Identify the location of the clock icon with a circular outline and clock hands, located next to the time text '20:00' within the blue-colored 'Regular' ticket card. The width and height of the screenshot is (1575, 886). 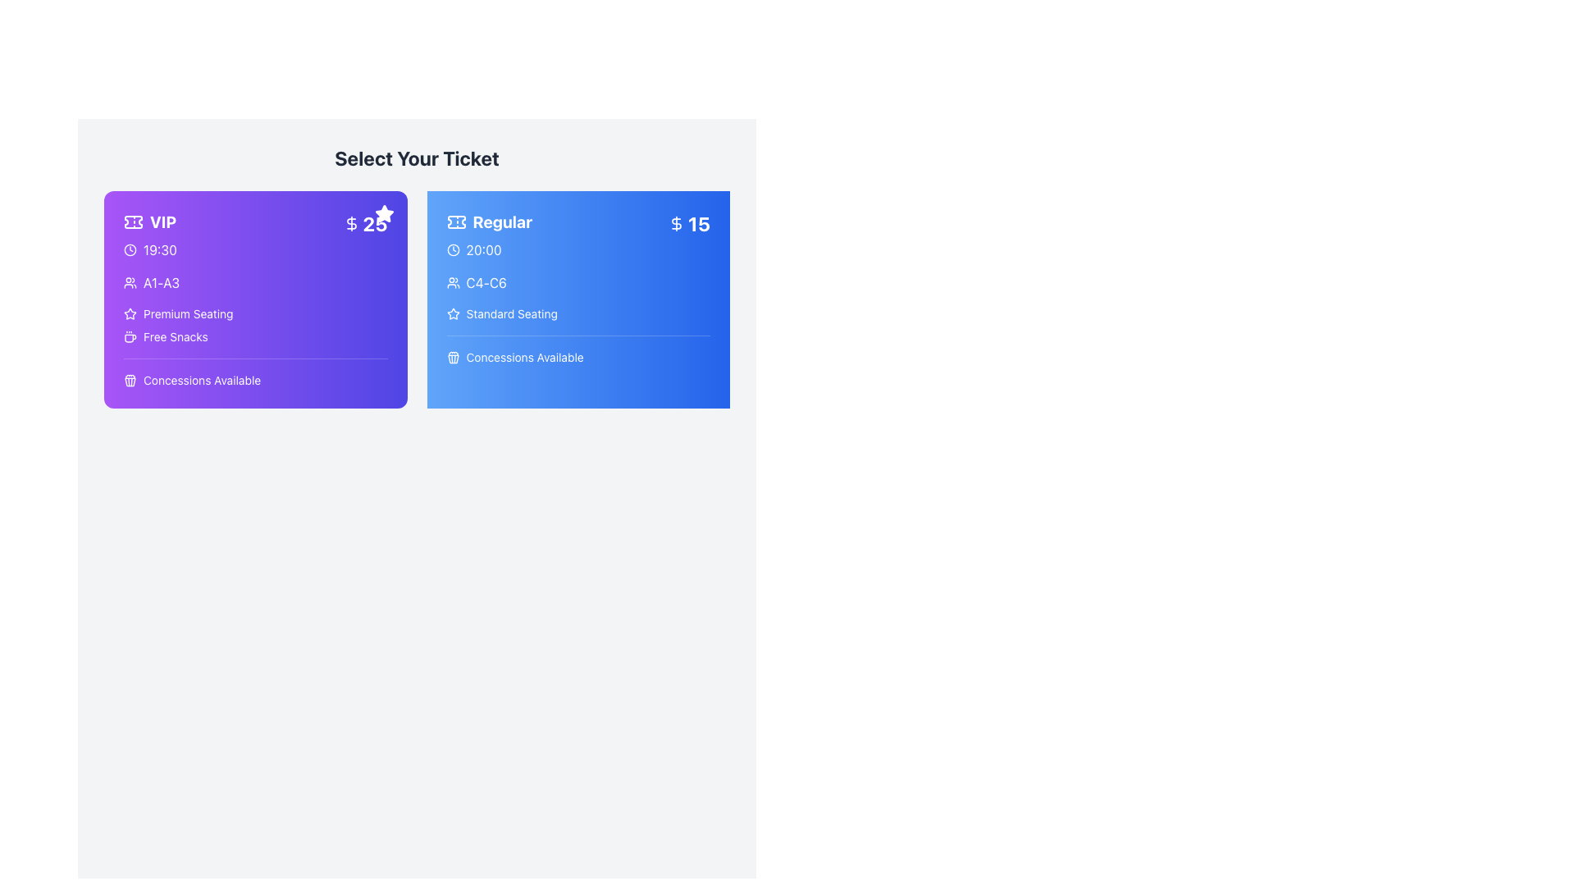
(453, 249).